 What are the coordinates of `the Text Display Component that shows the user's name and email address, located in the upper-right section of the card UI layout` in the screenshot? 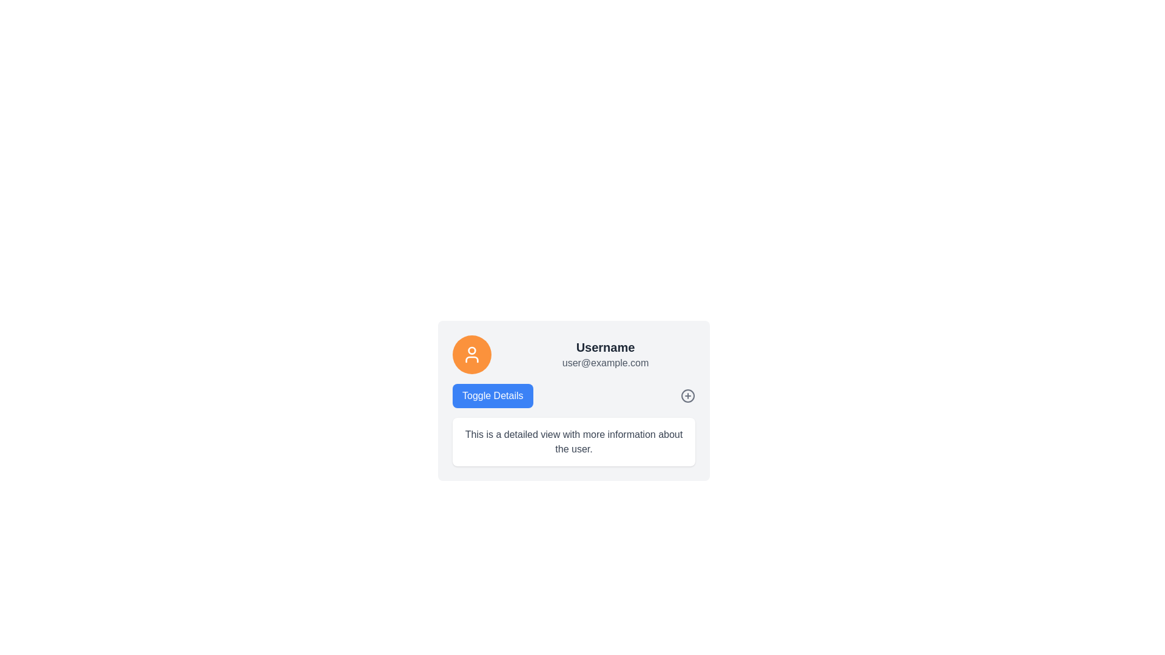 It's located at (606, 355).